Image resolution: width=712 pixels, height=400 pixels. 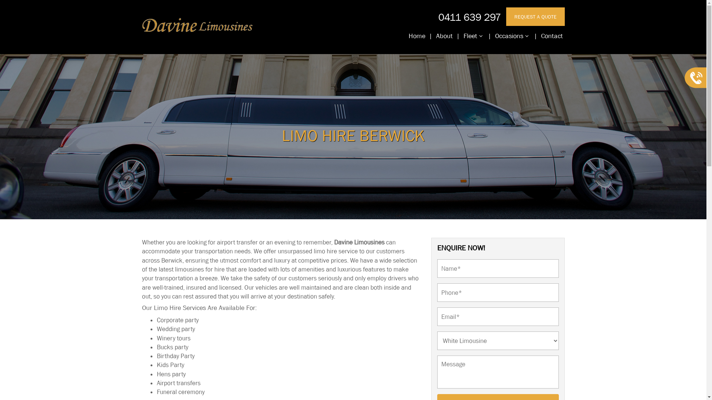 What do you see at coordinates (444, 36) in the screenshot?
I see `'About'` at bounding box center [444, 36].